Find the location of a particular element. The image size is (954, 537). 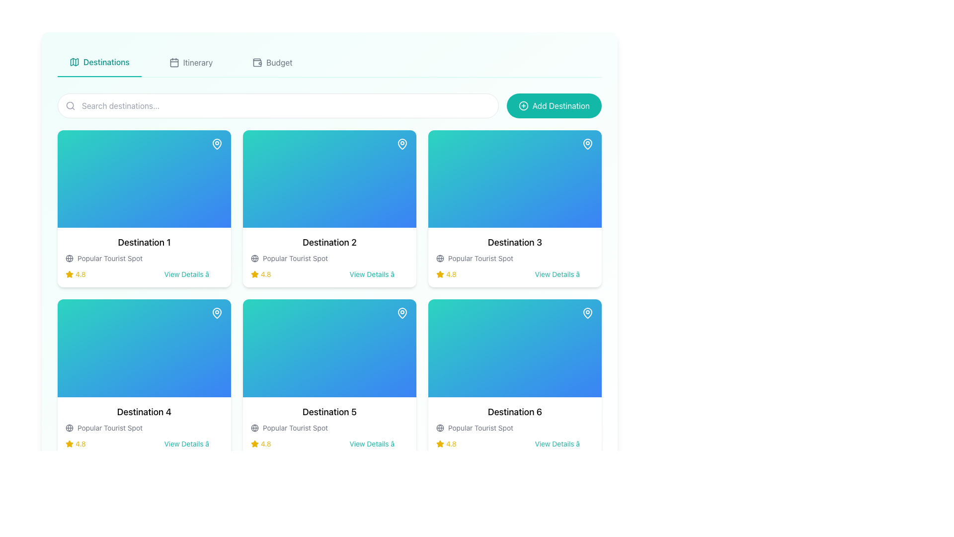

the leftmost Navigation Button in the horizontal navigation bar is located at coordinates (99, 63).